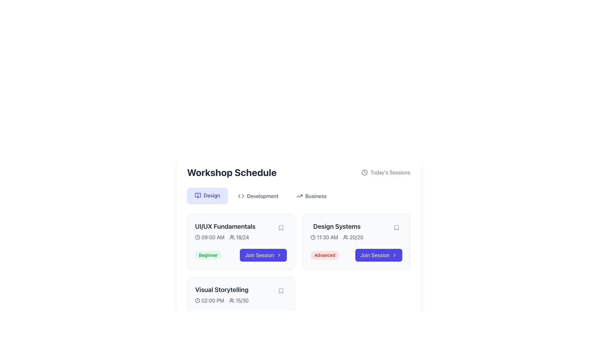 The width and height of the screenshot is (614, 345). I want to click on the clock icon located to the left of the text 'Today's Sessions' in the header layout at the top-right corner of the interface, so click(365, 172).